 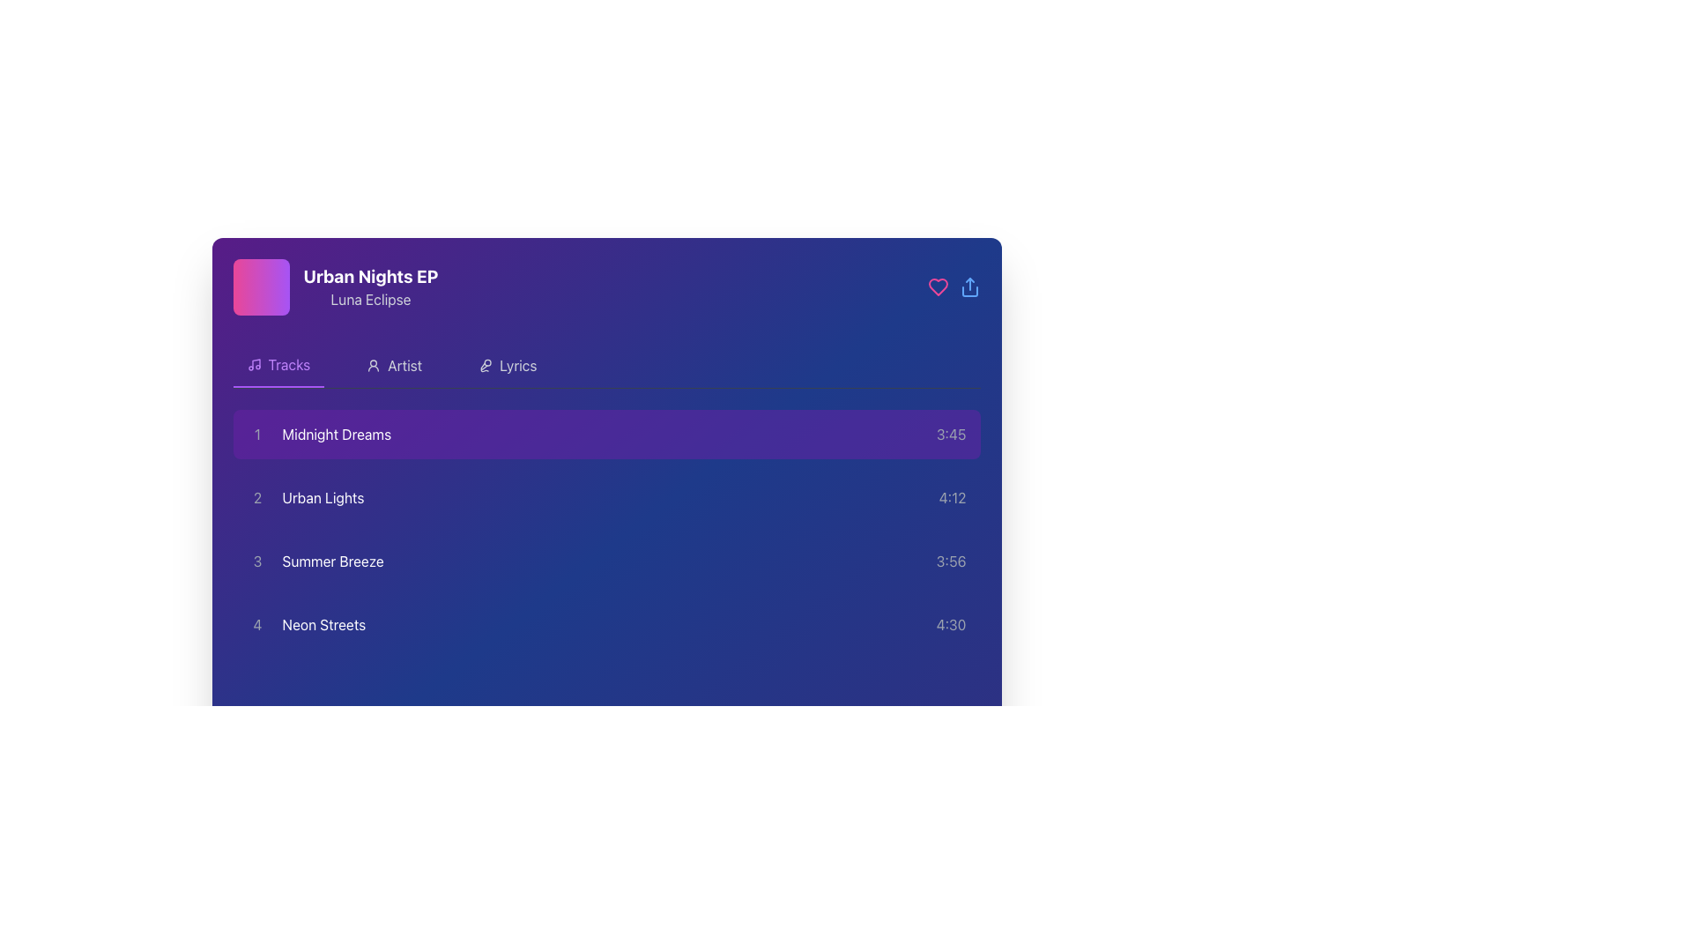 What do you see at coordinates (370, 298) in the screenshot?
I see `the static text label displaying 'Luna Eclipse', which is styled in a lighter gray color and positioned below the heading 'Urban Nights EP'` at bounding box center [370, 298].